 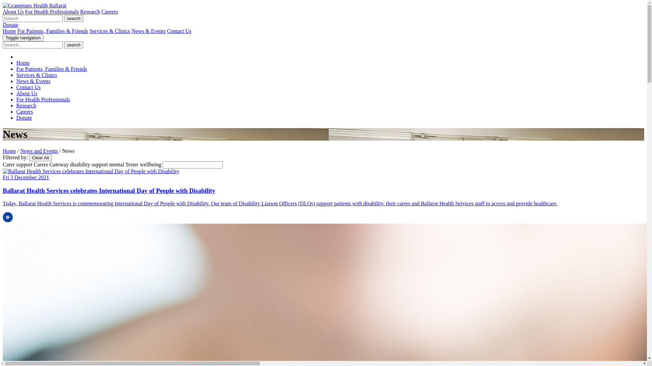 I want to click on 'About Us', so click(x=13, y=12).